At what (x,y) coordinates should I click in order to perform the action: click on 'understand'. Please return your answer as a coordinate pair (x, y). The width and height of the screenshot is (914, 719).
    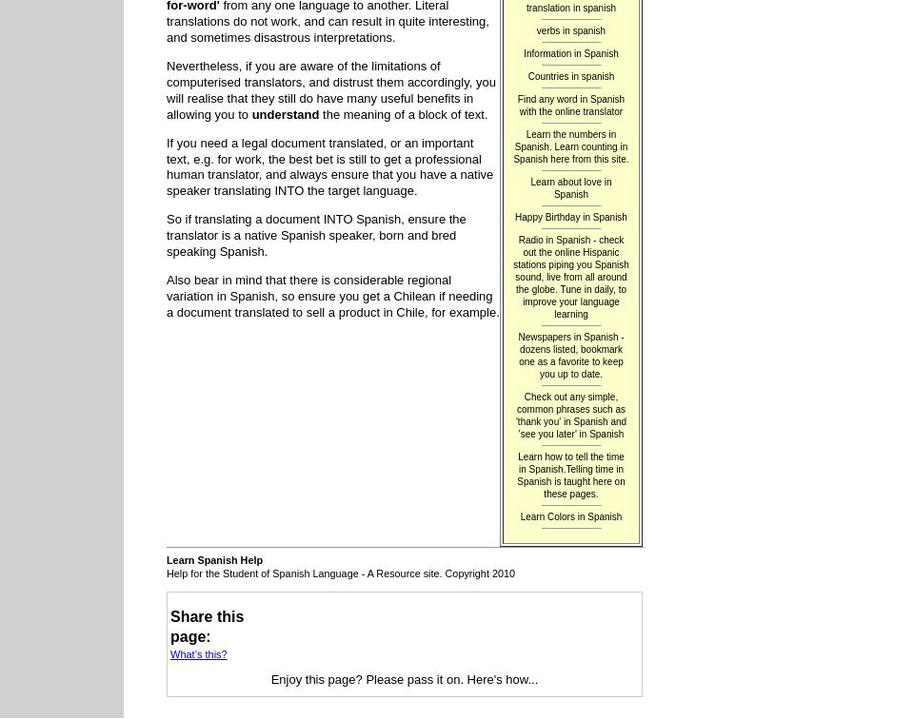
    Looking at the image, I should click on (284, 113).